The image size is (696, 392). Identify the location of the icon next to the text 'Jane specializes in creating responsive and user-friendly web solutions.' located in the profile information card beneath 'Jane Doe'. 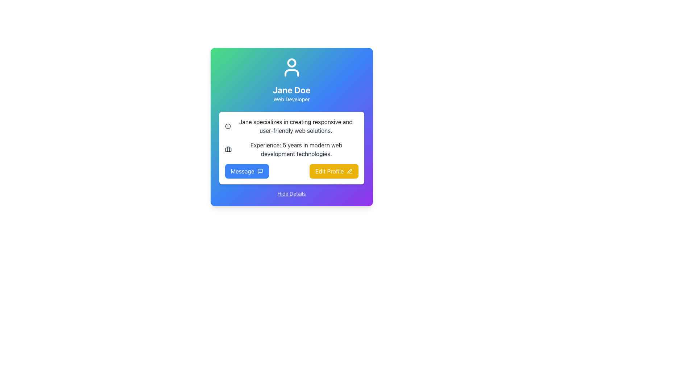
(291, 126).